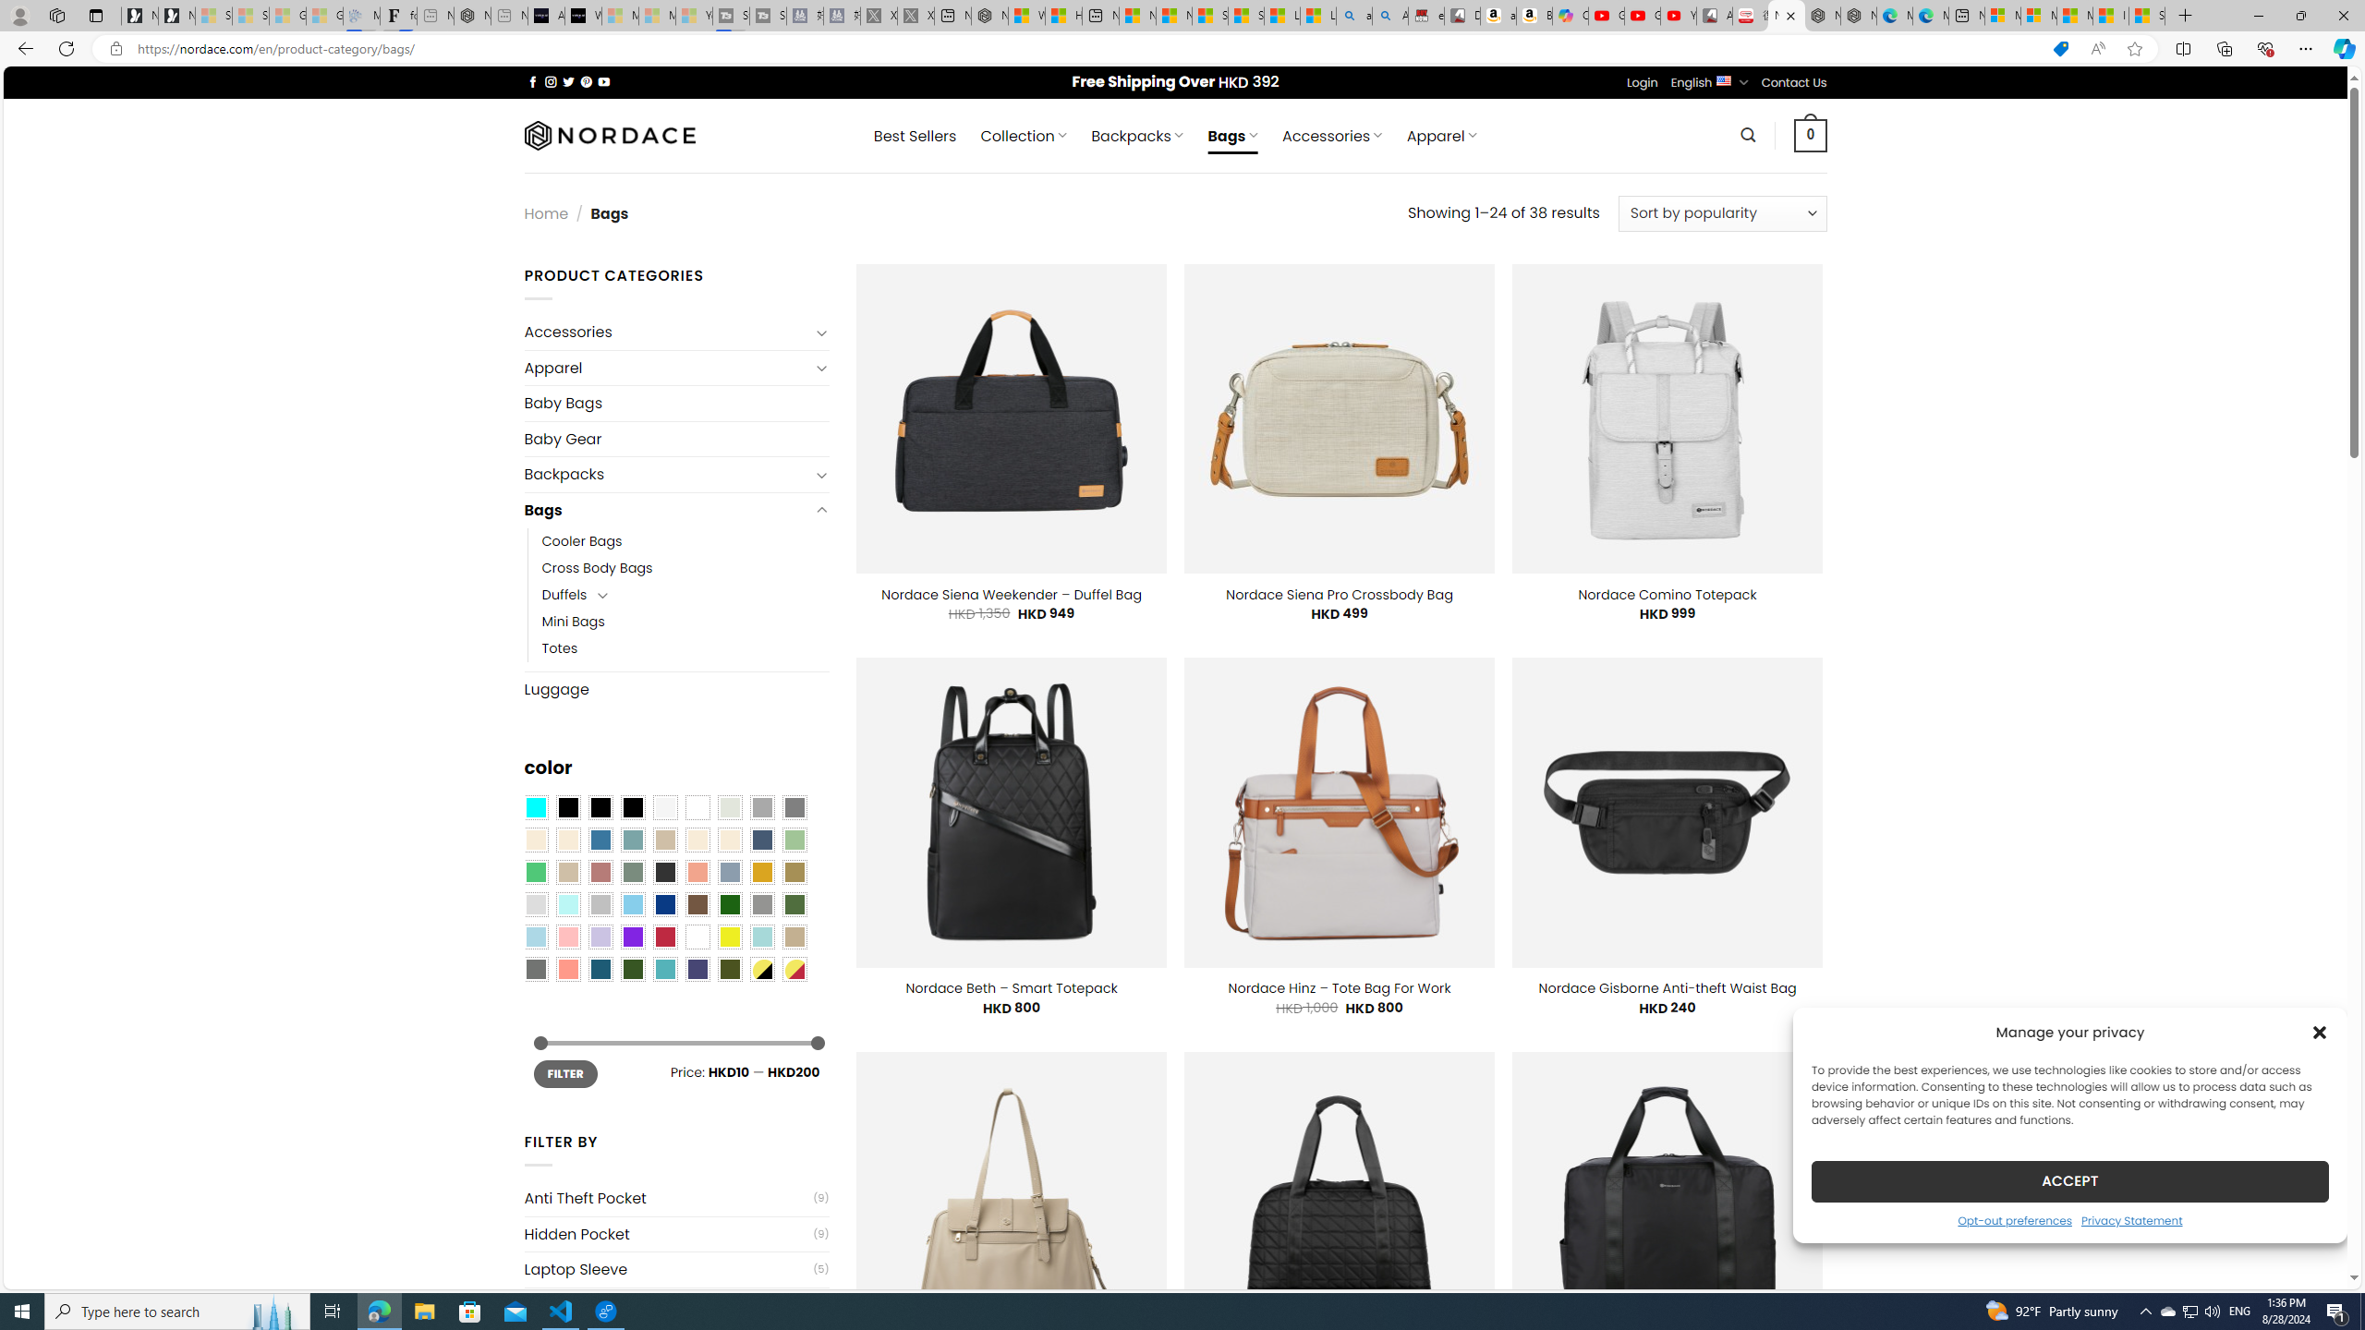  What do you see at coordinates (600, 840) in the screenshot?
I see `'Blue'` at bounding box center [600, 840].